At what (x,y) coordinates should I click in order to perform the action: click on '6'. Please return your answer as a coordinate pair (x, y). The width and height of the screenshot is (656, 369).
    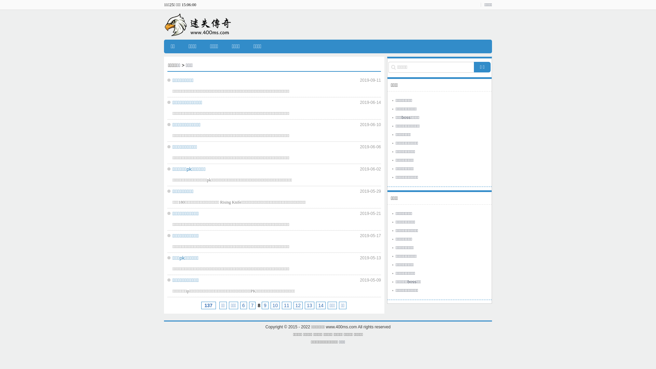
    Looking at the image, I should click on (244, 305).